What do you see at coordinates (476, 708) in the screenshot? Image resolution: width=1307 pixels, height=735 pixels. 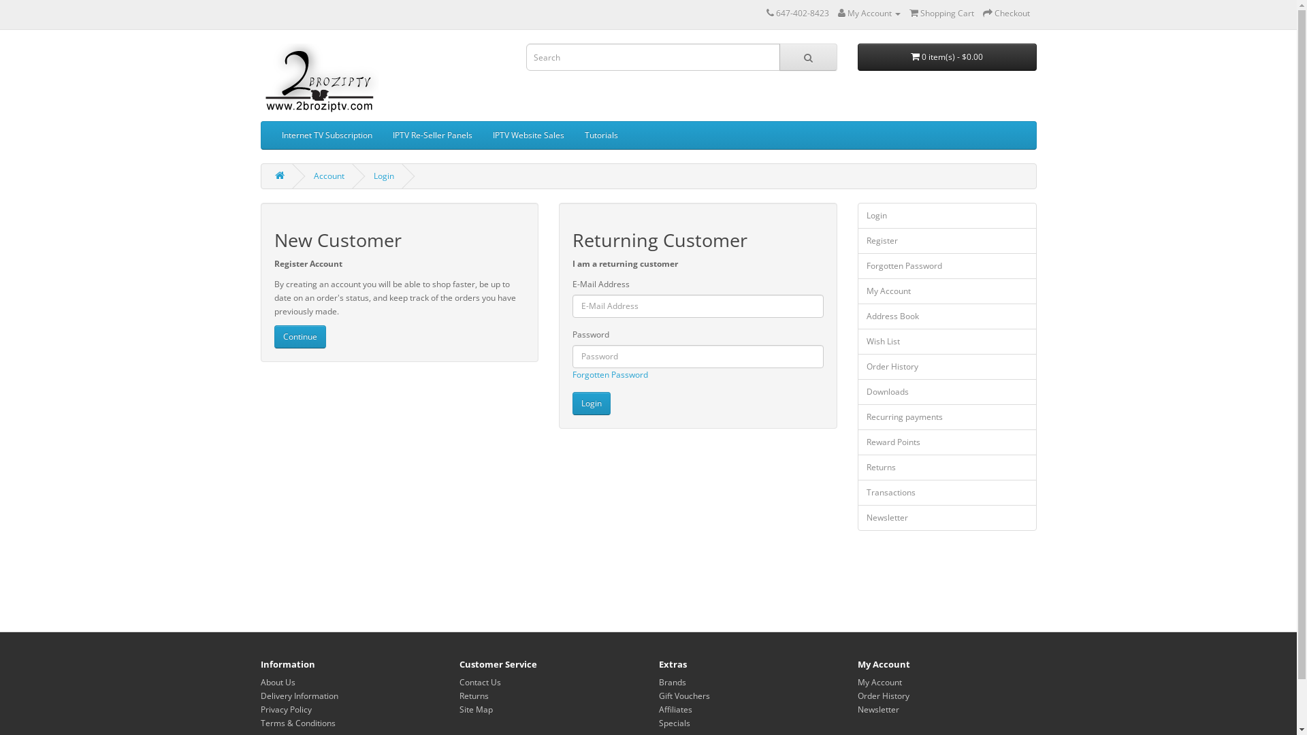 I see `'Site Map'` at bounding box center [476, 708].